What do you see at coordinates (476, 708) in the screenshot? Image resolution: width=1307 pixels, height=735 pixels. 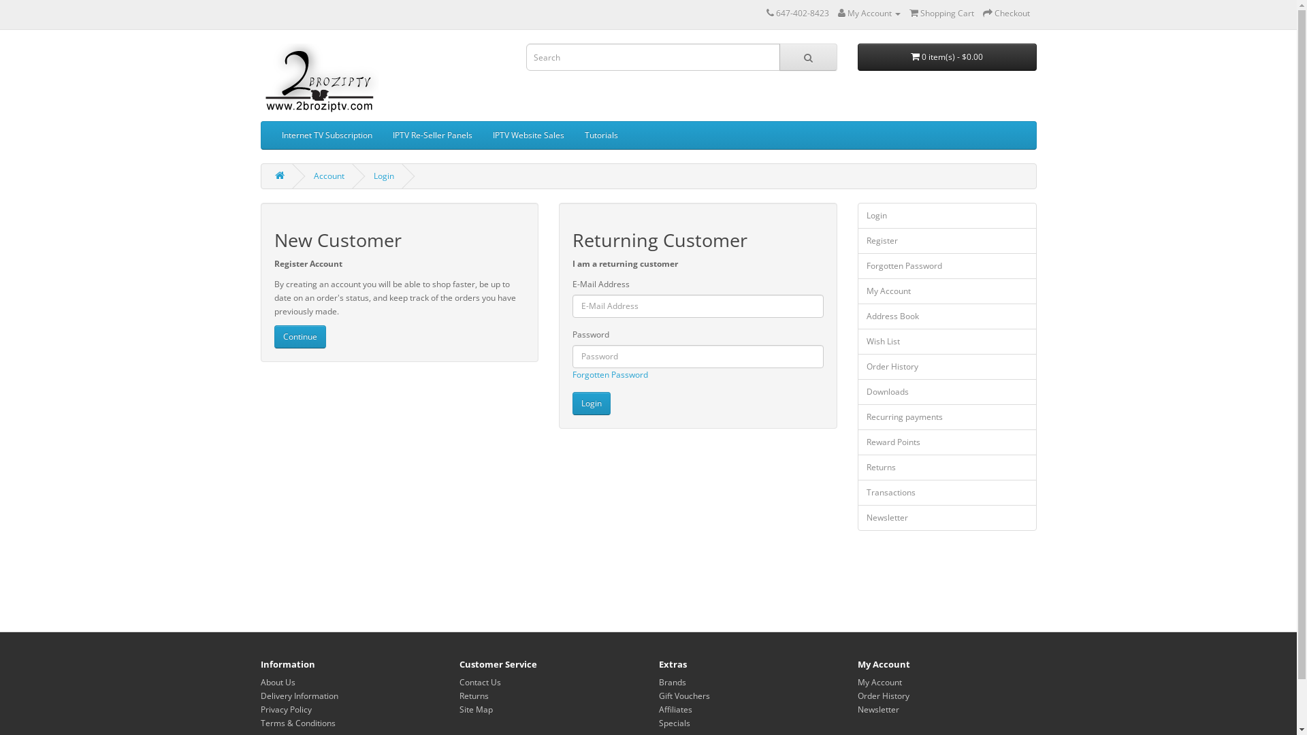 I see `'Site Map'` at bounding box center [476, 708].